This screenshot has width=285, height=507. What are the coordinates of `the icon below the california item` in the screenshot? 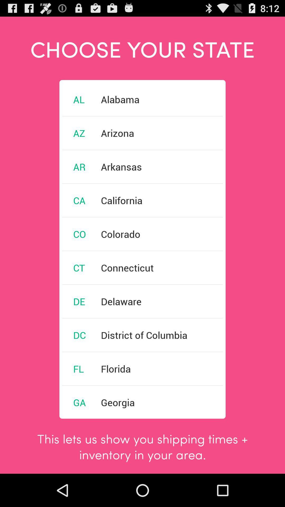 It's located at (121, 234).